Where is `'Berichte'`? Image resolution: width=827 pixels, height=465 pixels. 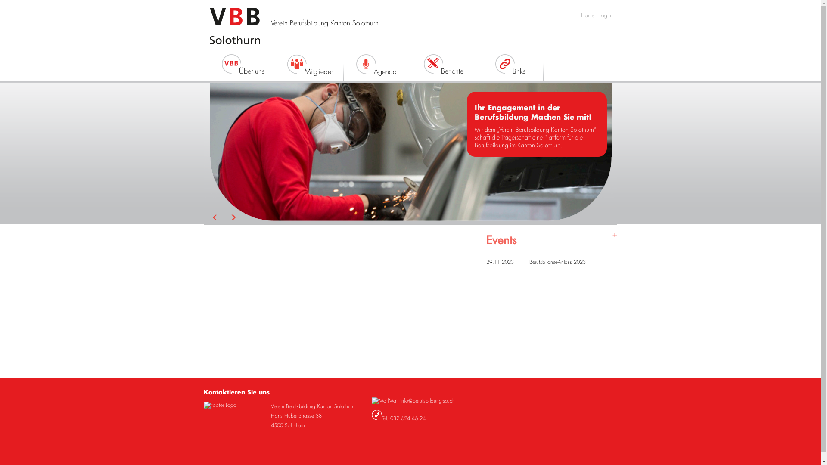 'Berichte' is located at coordinates (432, 63).